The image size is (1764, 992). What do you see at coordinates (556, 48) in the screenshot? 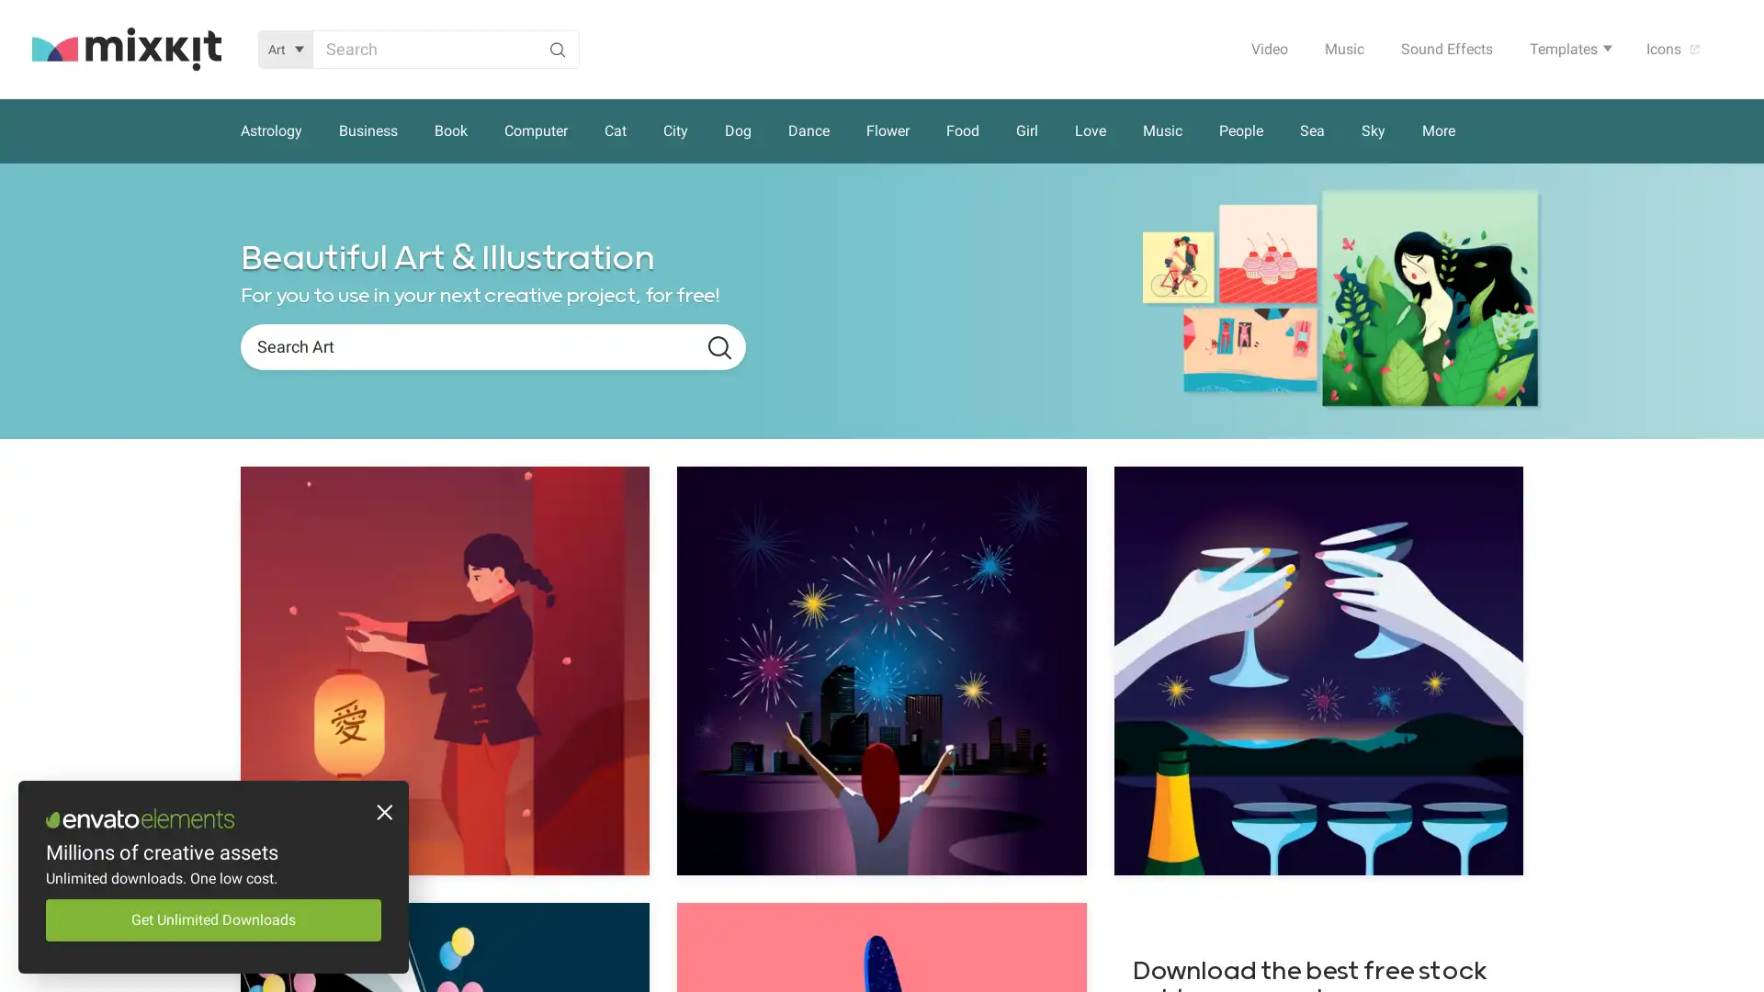
I see `Search` at bounding box center [556, 48].